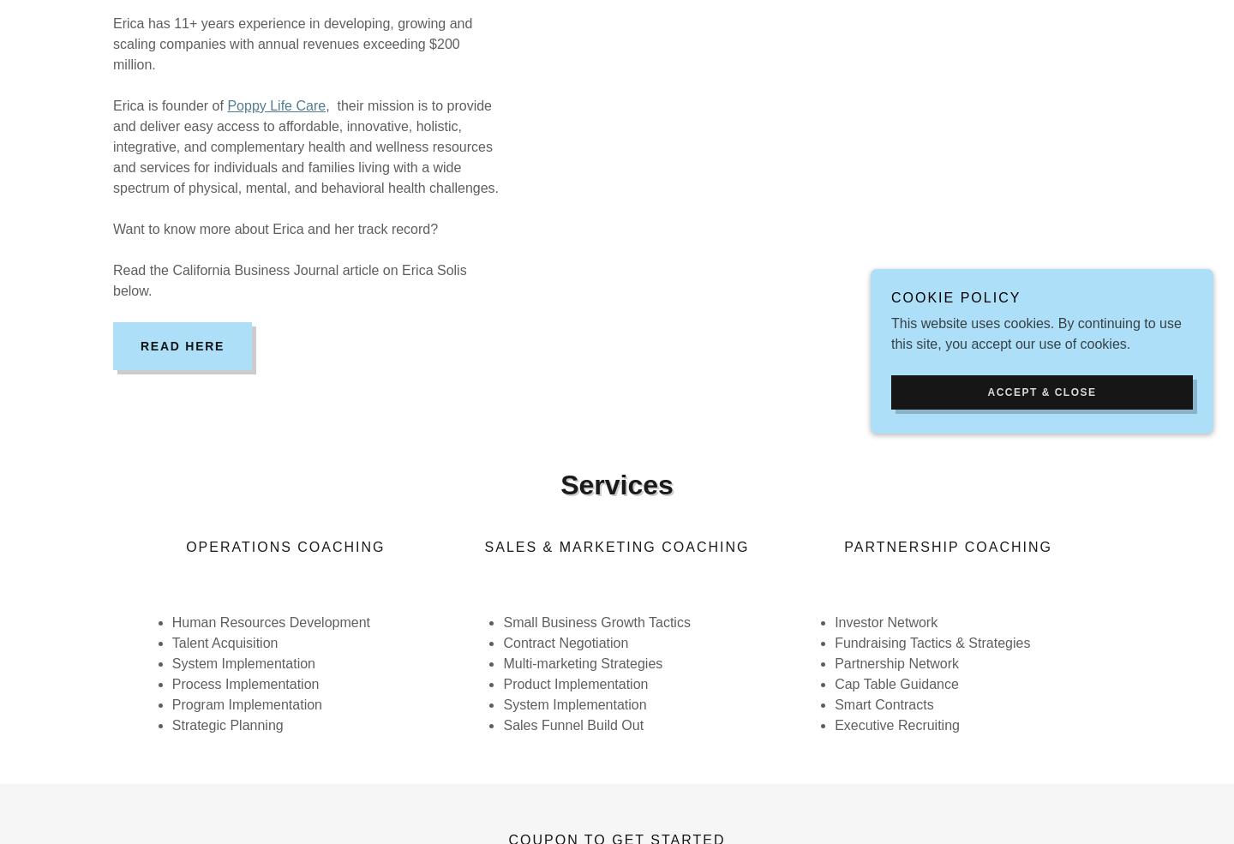 This screenshot has width=1234, height=844. I want to click on 'Product Implementation', so click(502, 683).